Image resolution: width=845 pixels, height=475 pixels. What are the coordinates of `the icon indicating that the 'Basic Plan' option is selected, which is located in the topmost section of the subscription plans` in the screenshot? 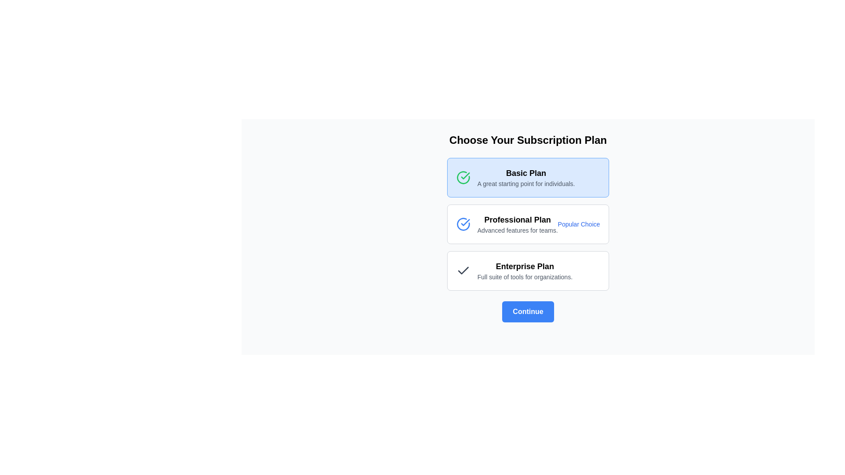 It's located at (463, 178).